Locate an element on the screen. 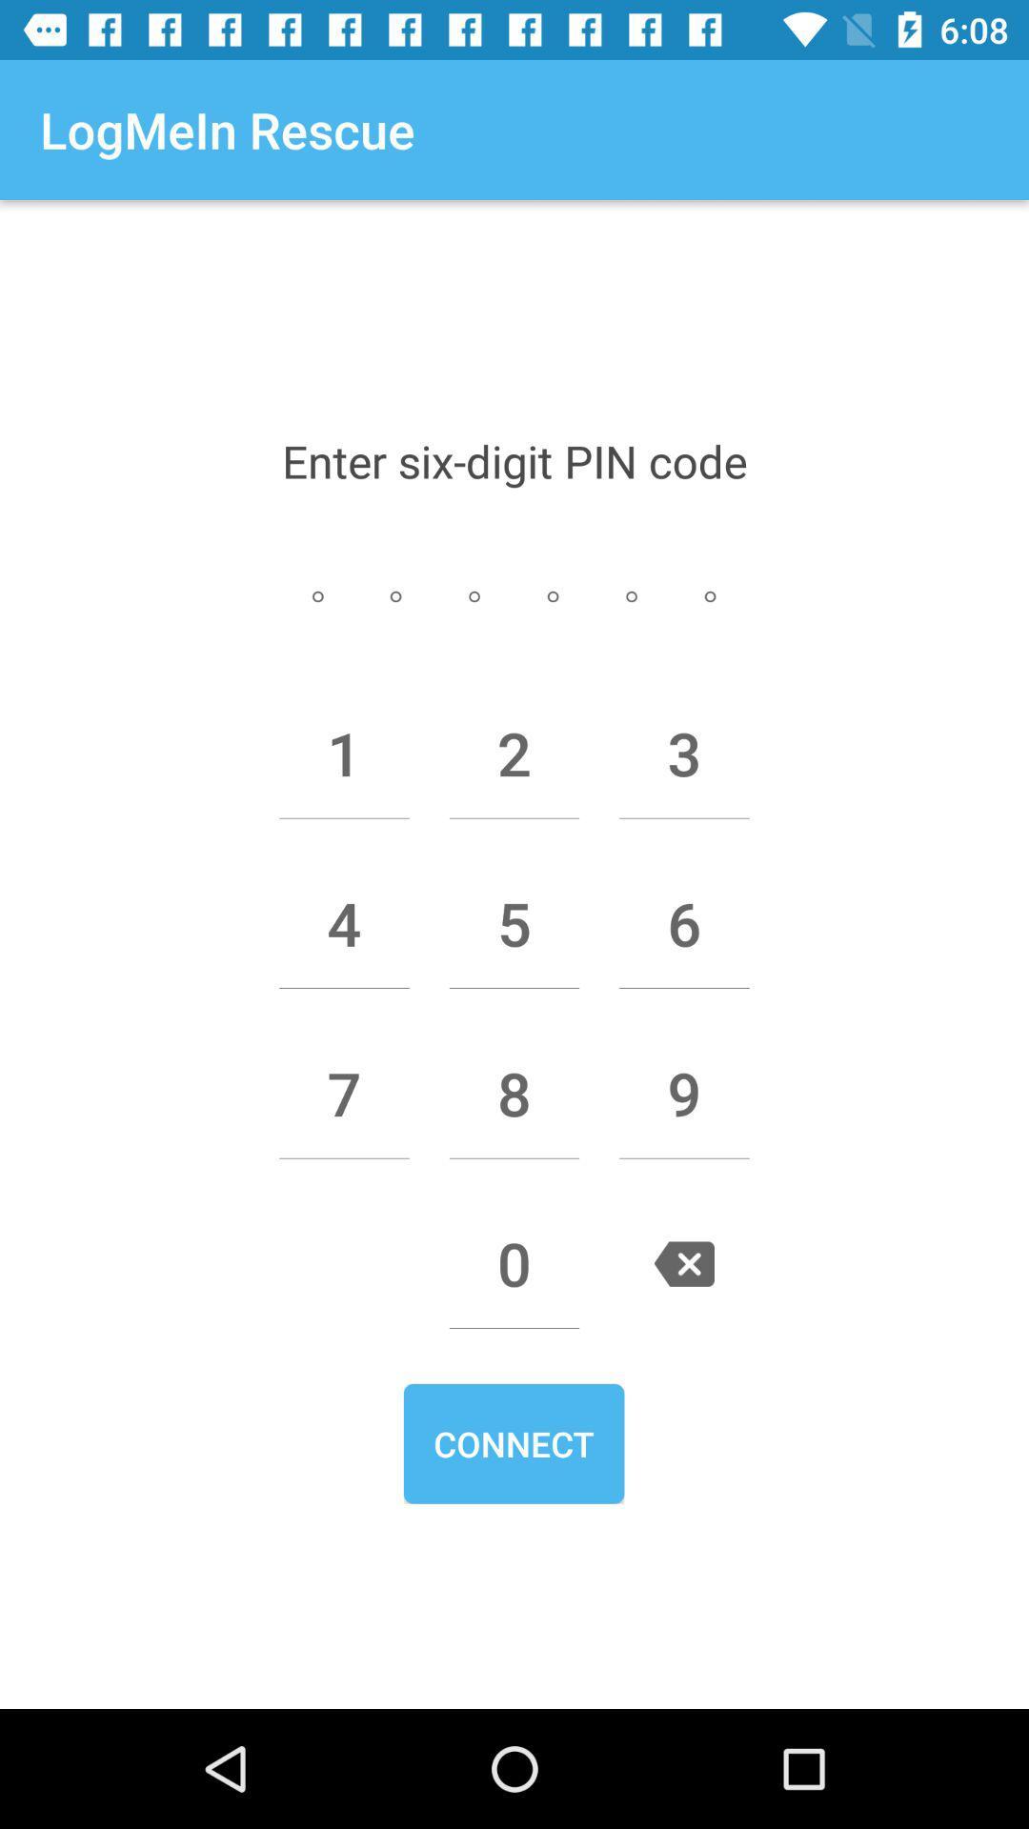 This screenshot has height=1829, width=1029. item below 4 item is located at coordinates (344, 1094).